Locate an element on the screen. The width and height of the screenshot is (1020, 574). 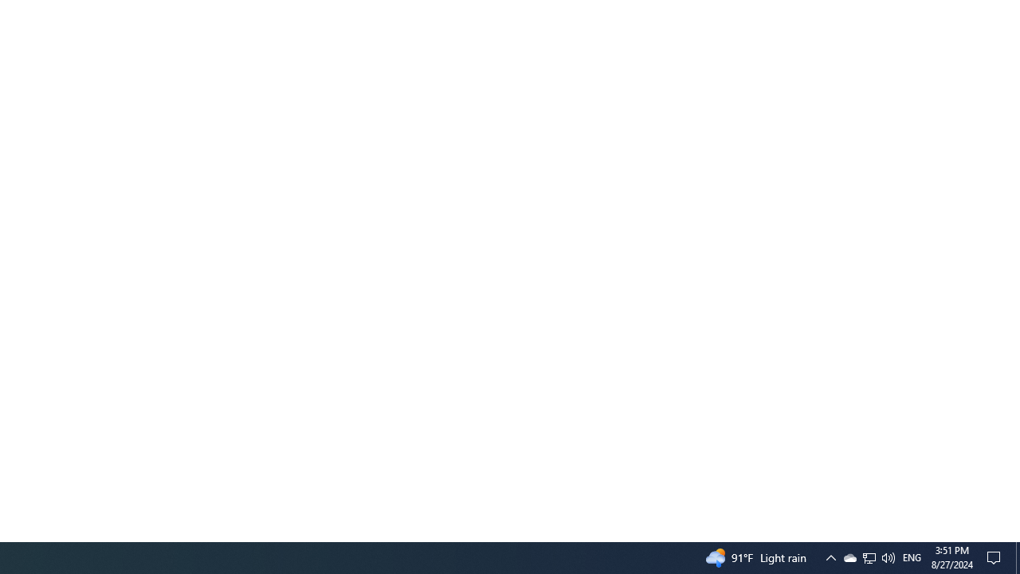
'Action Center, No new notifications' is located at coordinates (996, 556).